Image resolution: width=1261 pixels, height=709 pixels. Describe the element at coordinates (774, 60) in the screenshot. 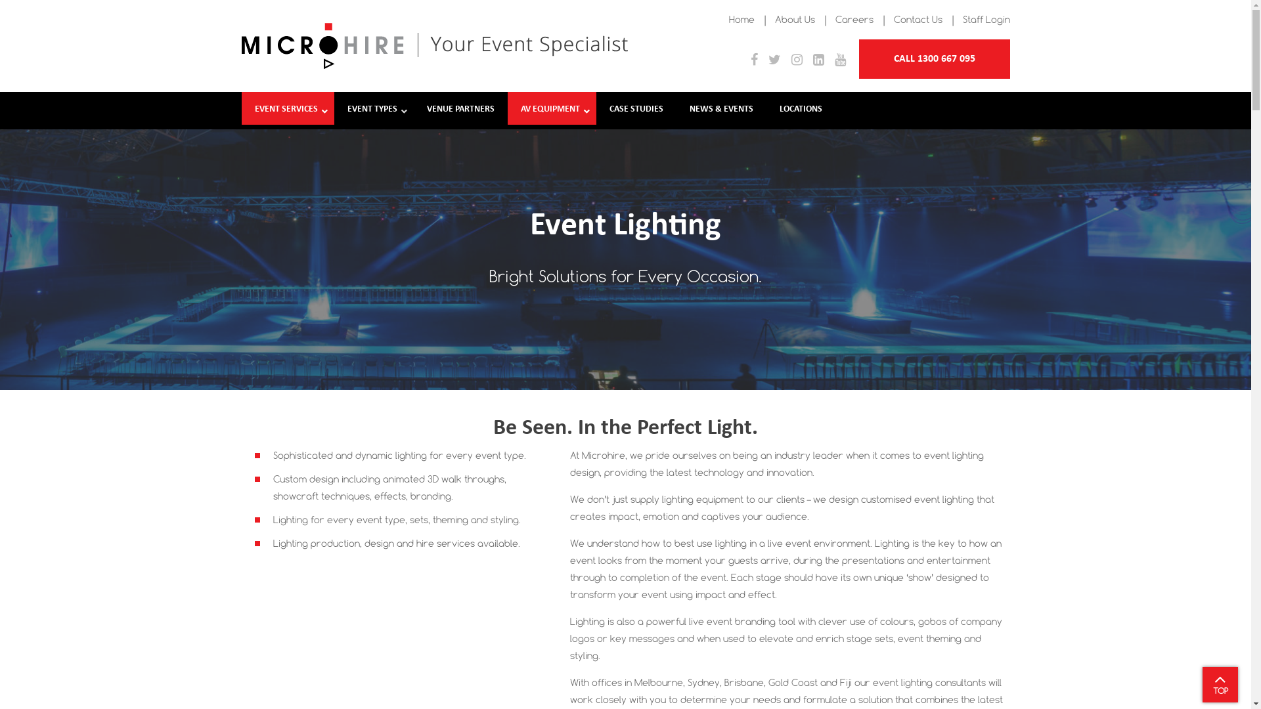

I see `'Twitter'` at that location.